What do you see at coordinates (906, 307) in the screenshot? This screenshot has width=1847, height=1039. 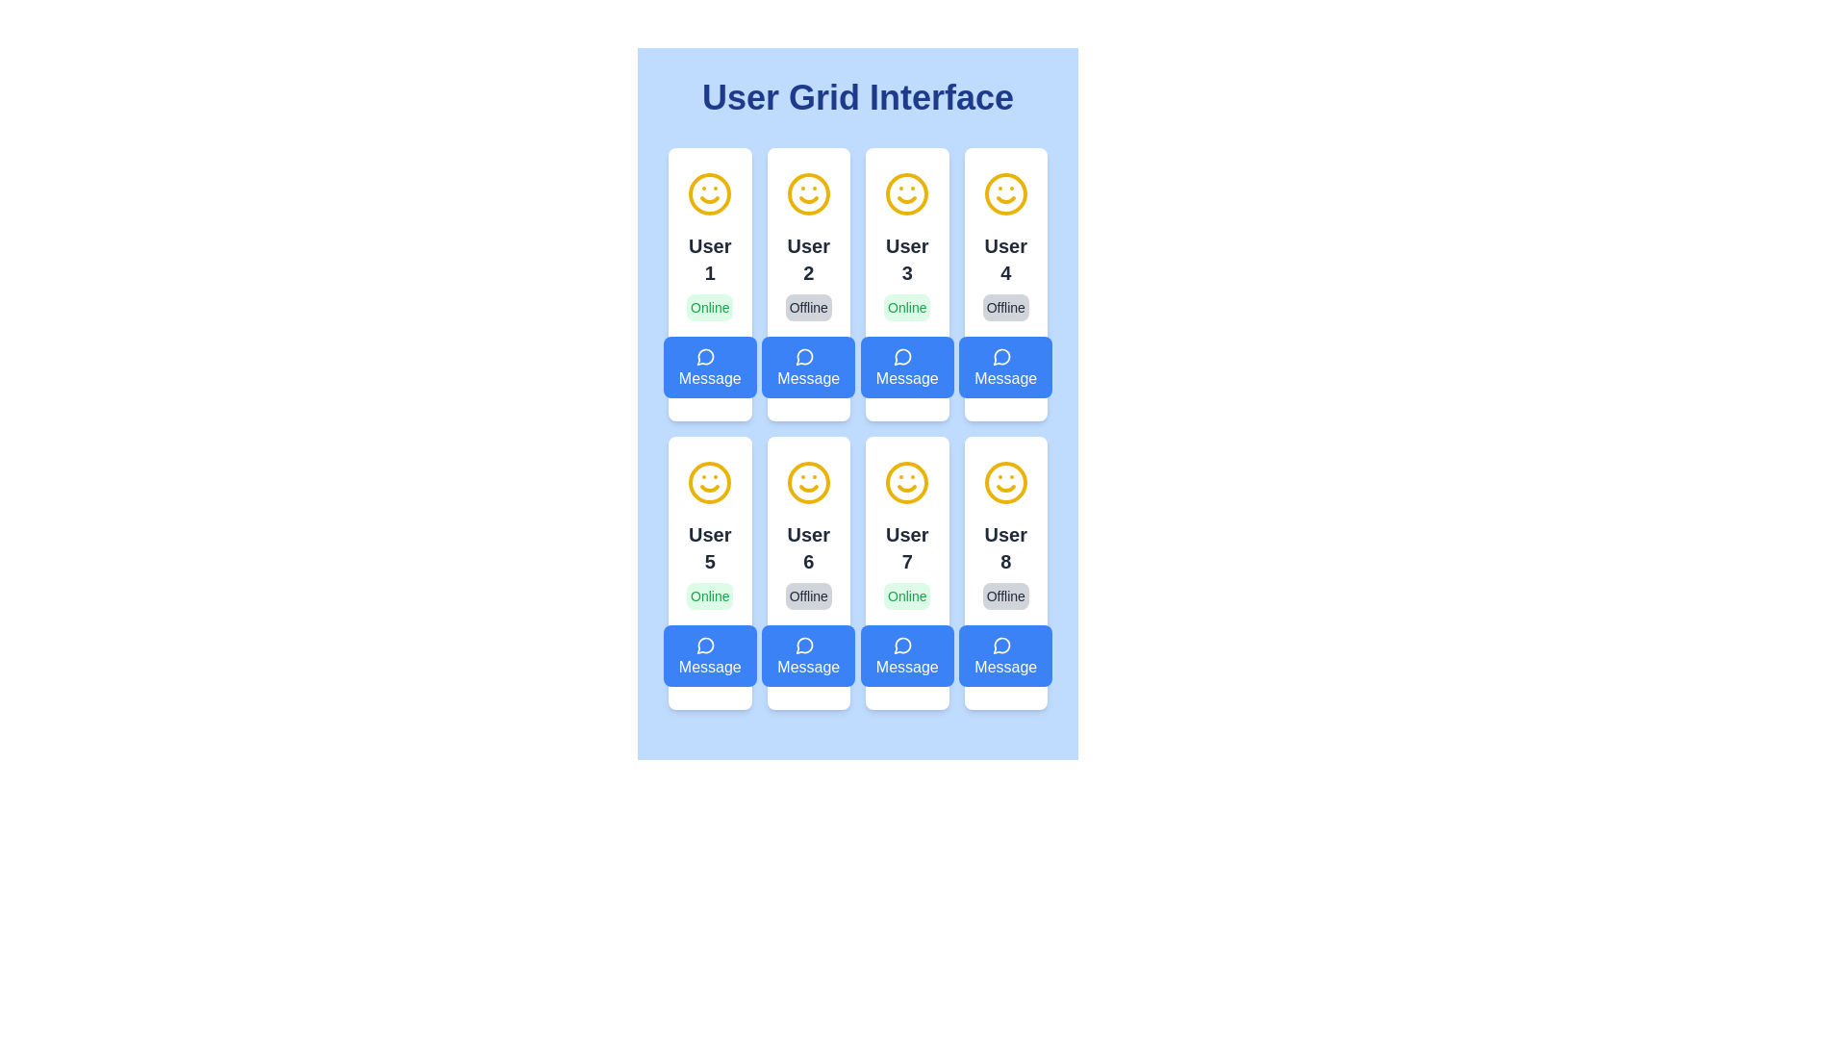 I see `the status indicator located within the third box of the user cards grid, directly beneath the 'User 3' label, which shows that 'User 3' is currently online` at bounding box center [906, 307].